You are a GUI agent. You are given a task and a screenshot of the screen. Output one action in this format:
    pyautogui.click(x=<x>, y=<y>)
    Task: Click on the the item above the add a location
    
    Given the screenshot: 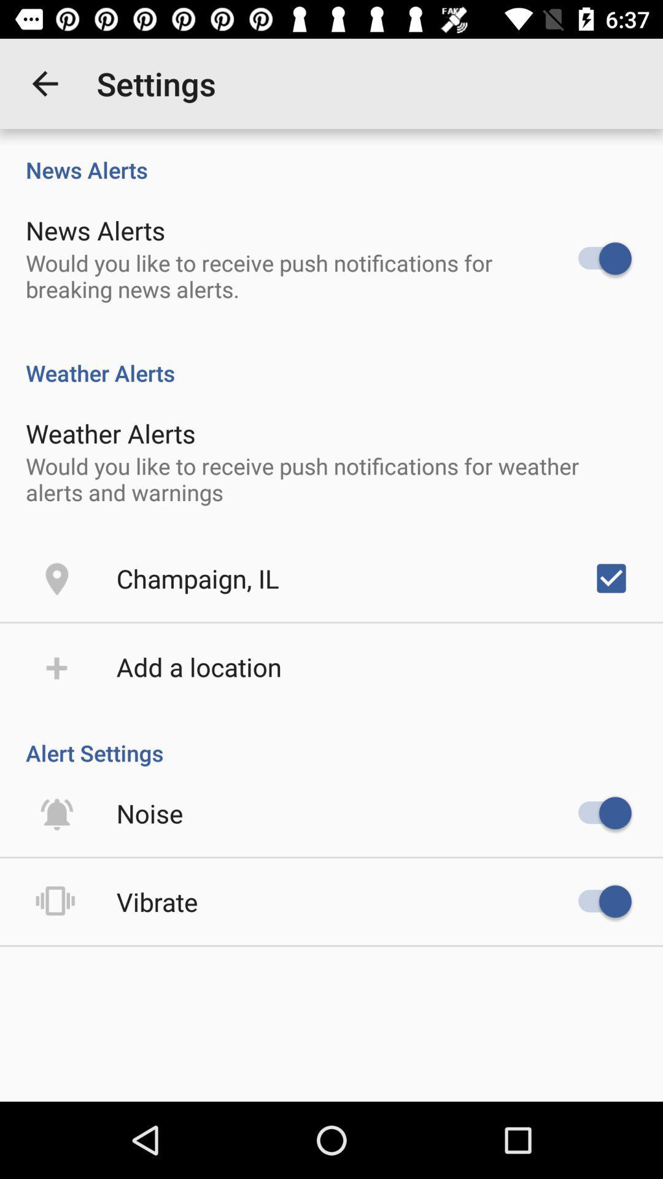 What is the action you would take?
    pyautogui.click(x=197, y=577)
    